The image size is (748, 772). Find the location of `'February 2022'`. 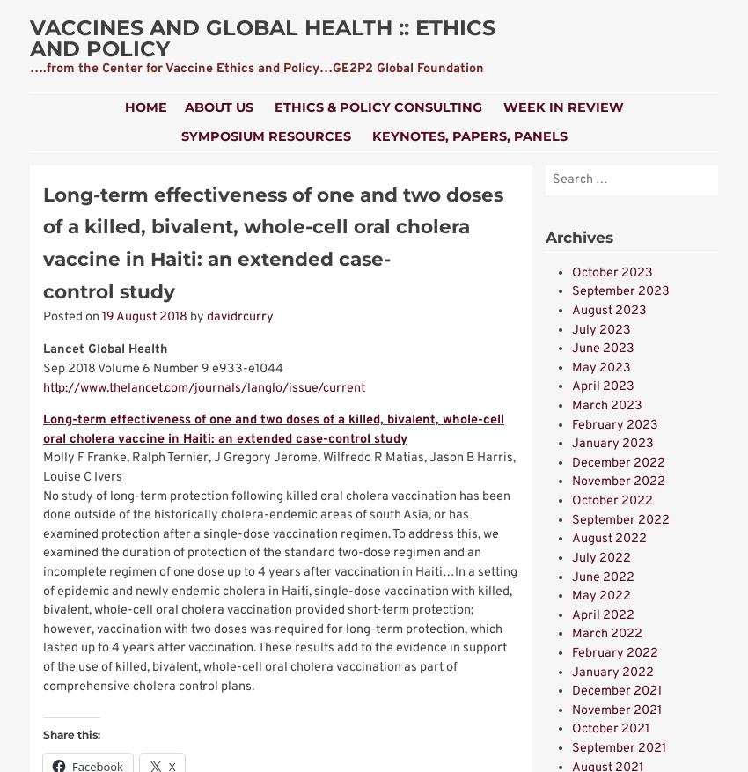

'February 2022' is located at coordinates (614, 652).